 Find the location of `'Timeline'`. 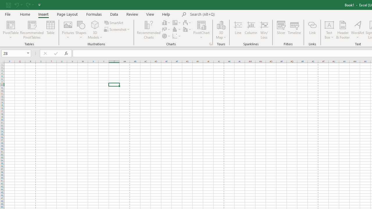

'Timeline' is located at coordinates (294, 30).